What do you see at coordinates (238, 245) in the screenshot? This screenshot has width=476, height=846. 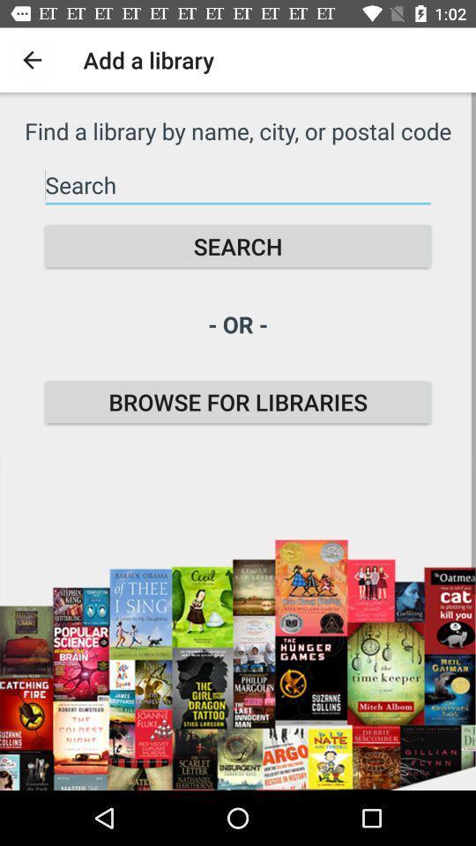 I see `search` at bounding box center [238, 245].